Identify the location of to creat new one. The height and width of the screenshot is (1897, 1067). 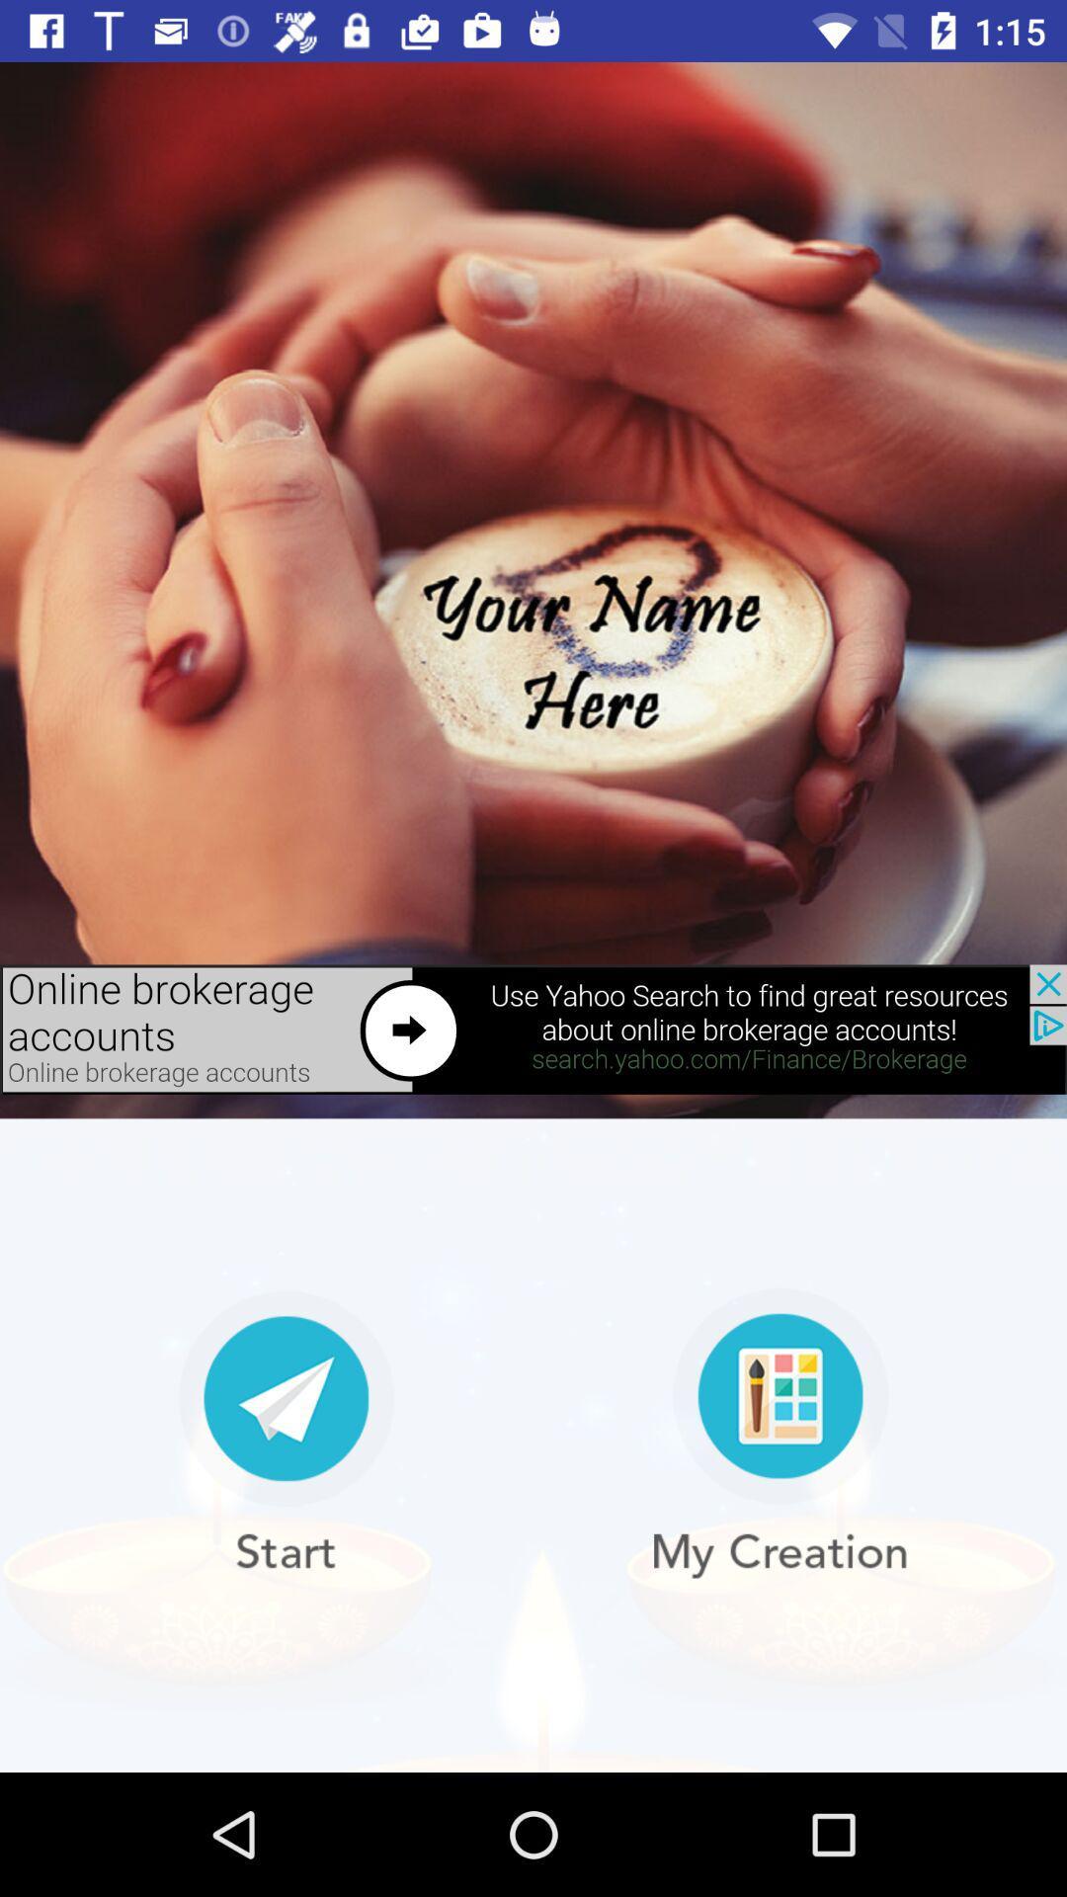
(780, 1433).